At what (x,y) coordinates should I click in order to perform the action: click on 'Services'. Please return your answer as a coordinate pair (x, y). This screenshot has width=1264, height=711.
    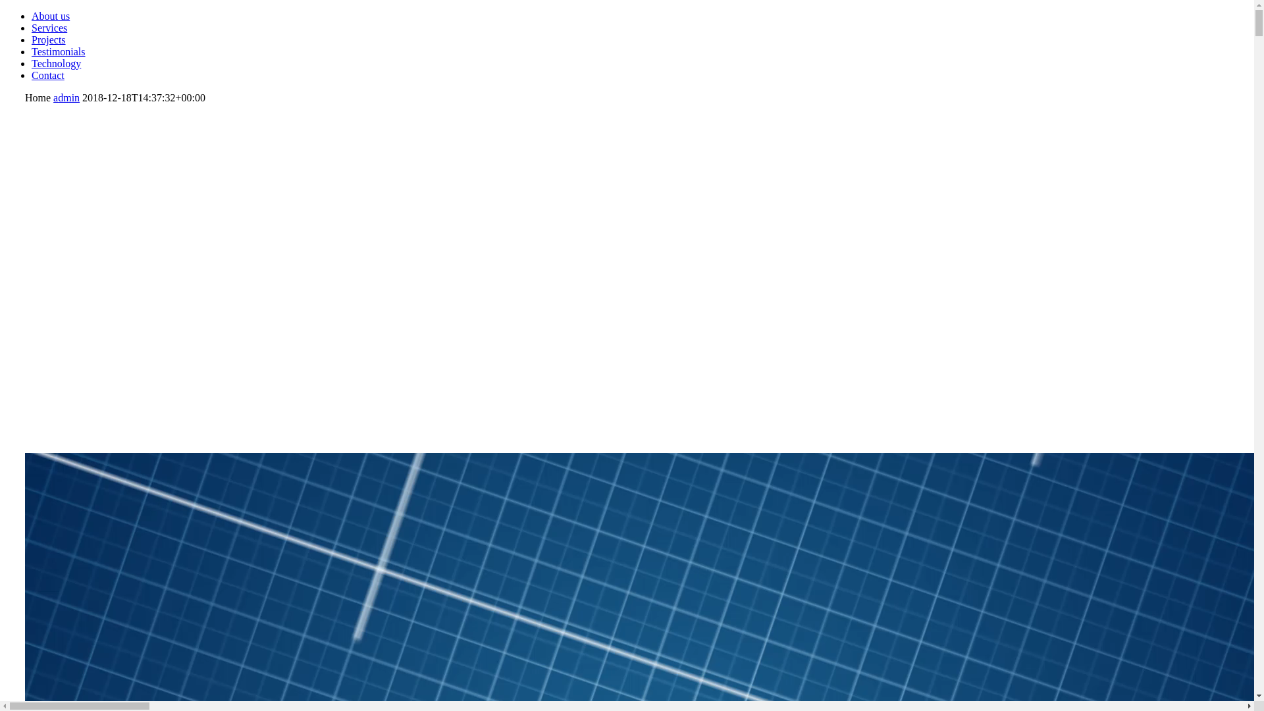
    Looking at the image, I should click on (49, 28).